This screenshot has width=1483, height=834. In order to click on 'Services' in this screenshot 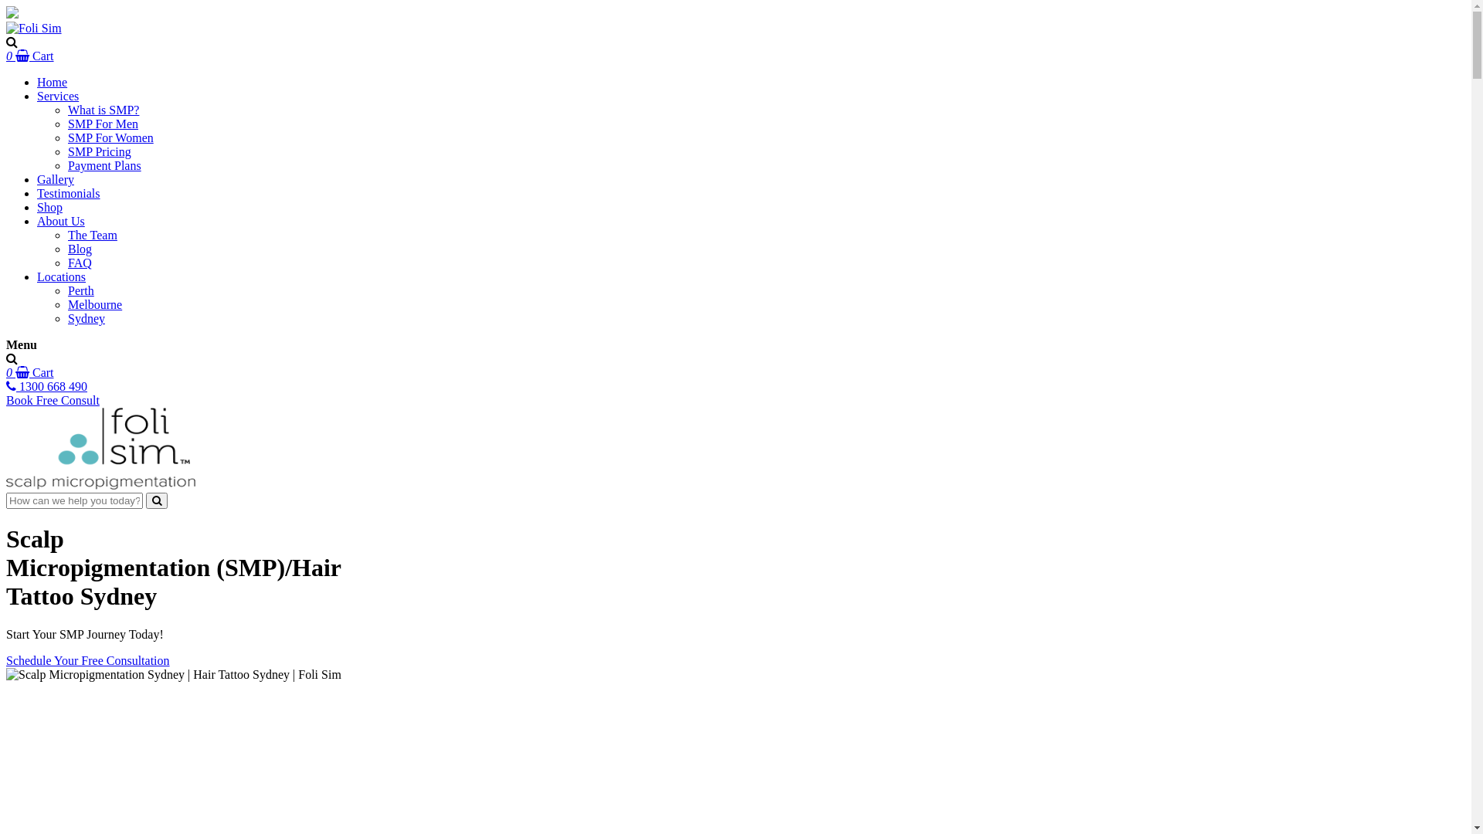, I will do `click(37, 96)`.